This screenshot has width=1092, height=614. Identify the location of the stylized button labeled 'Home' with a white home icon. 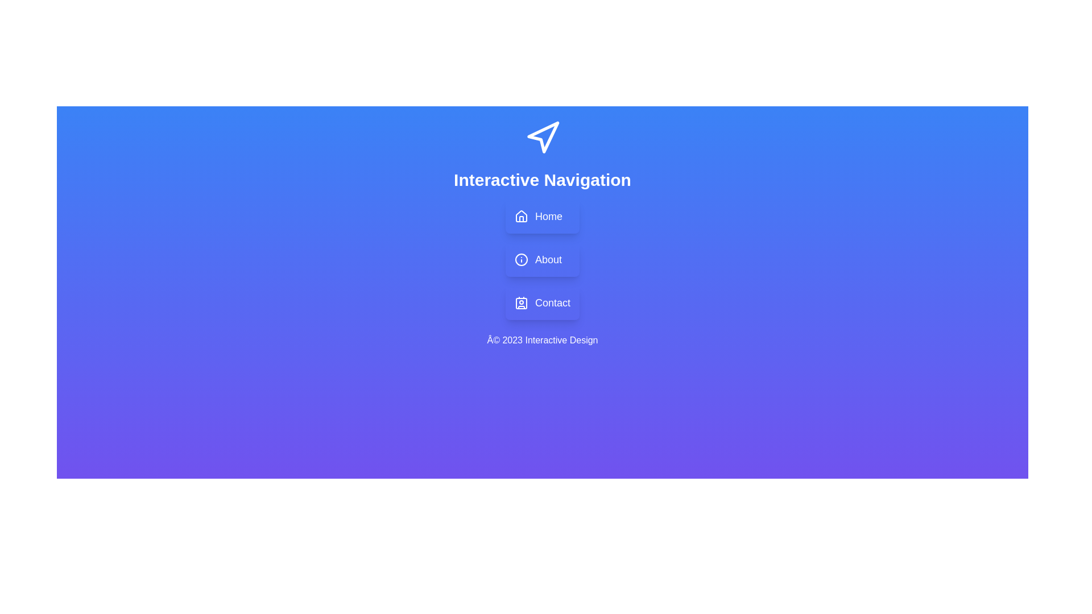
(542, 217).